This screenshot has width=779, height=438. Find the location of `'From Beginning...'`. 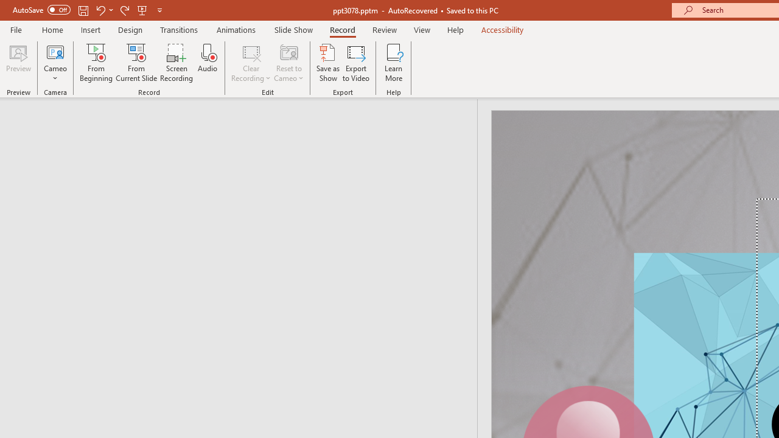

'From Beginning...' is located at coordinates (96, 63).